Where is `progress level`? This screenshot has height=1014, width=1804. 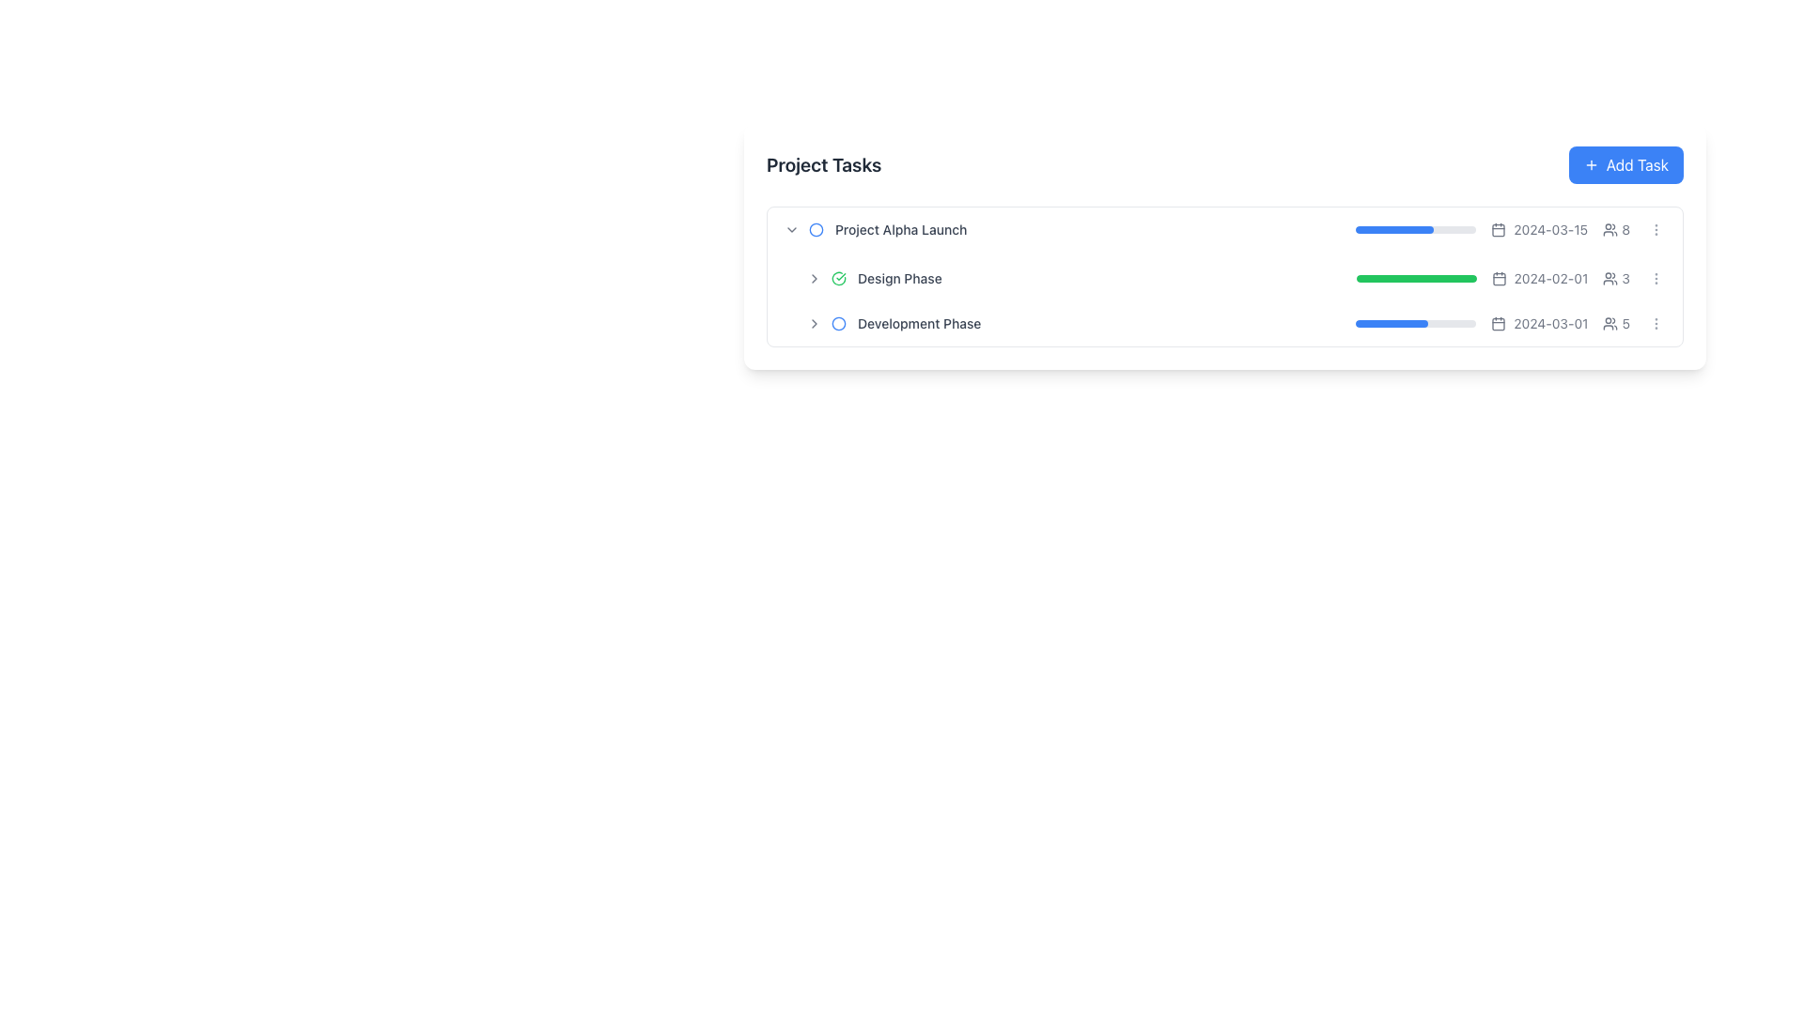
progress level is located at coordinates (1407, 279).